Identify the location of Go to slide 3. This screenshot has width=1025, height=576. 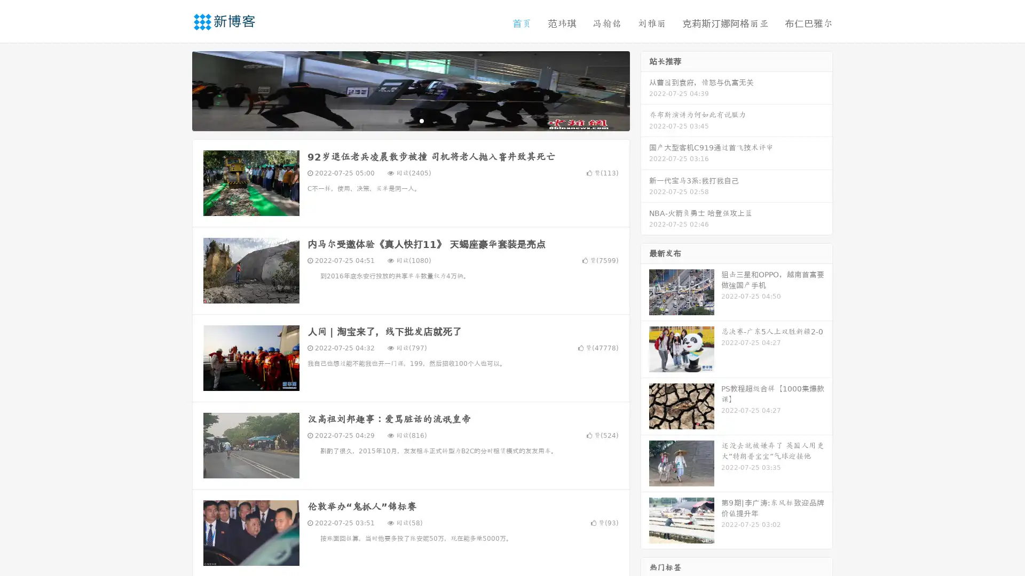
(421, 120).